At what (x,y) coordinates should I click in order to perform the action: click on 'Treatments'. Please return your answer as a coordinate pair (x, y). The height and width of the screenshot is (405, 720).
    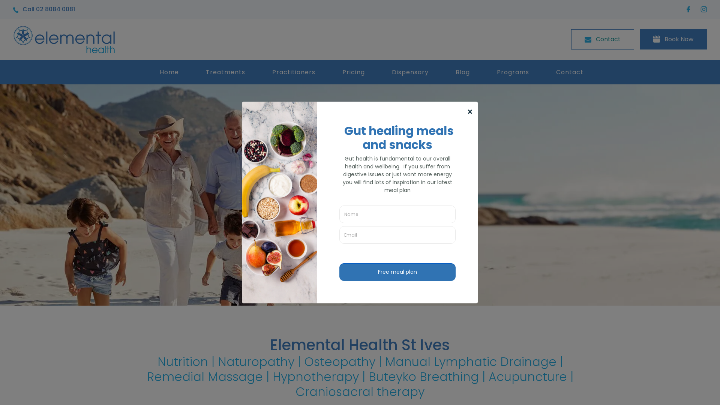
    Looking at the image, I should click on (192, 72).